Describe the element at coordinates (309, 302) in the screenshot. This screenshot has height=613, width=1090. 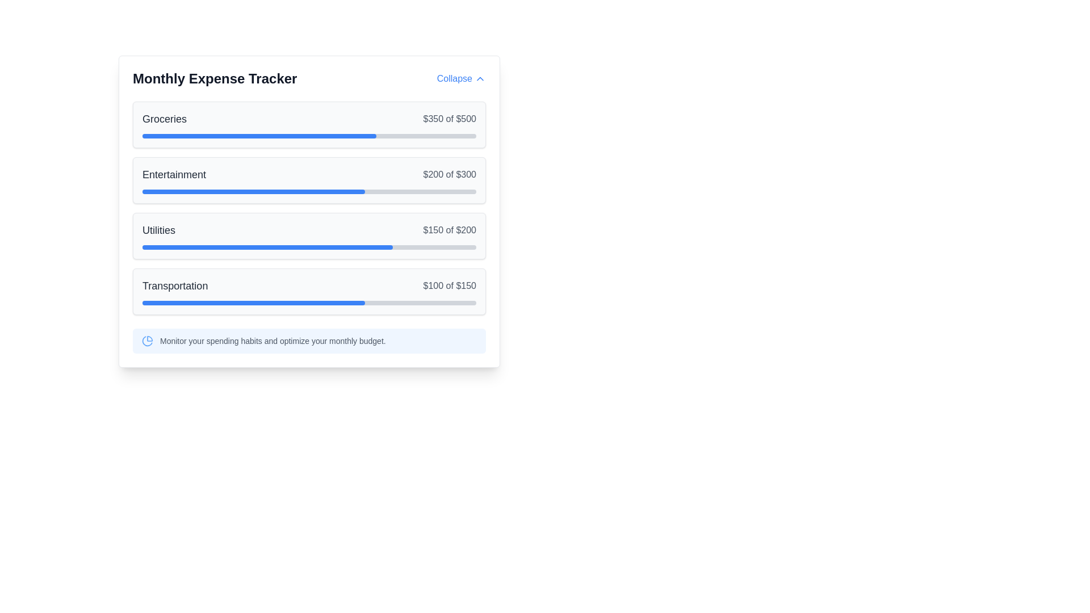
I see `the horizontal progress bar within the 'Transportation $100 of $150' box in the 'Monthly Expense Tracker' section, which is filled to 66.67% with a blue segment` at that location.